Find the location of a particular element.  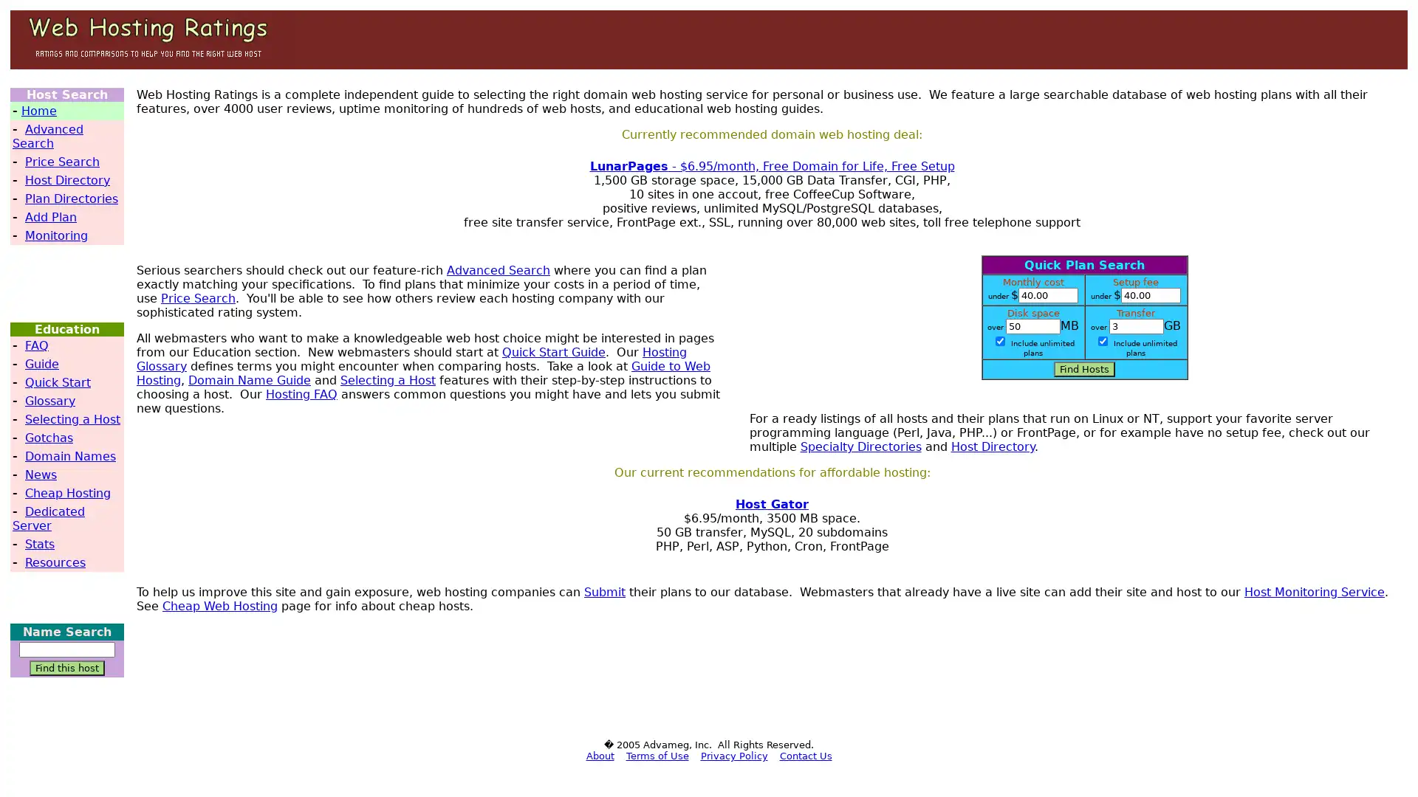

Find Hosts is located at coordinates (1084, 368).